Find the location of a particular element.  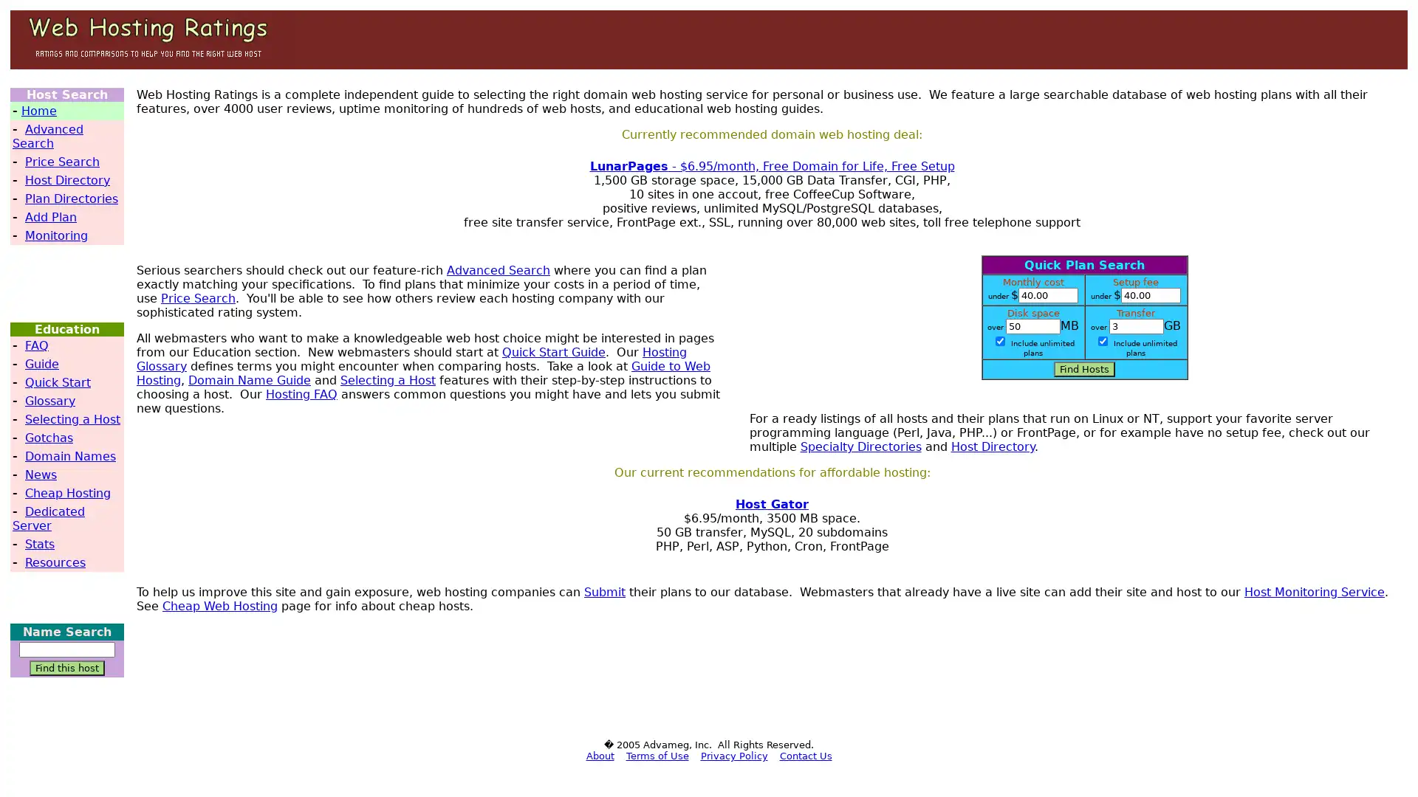

Find Hosts is located at coordinates (1084, 368).